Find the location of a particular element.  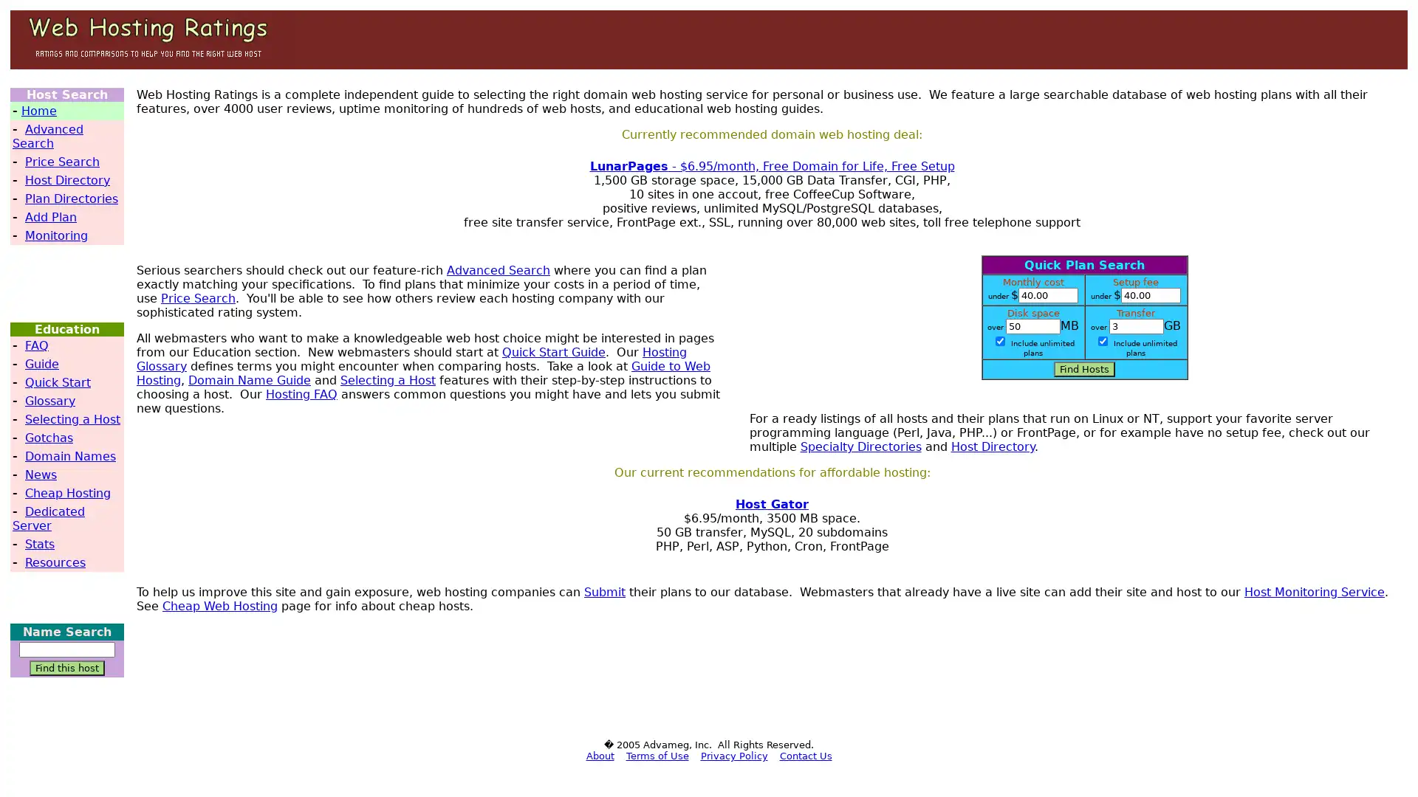

Find Hosts is located at coordinates (1084, 368).